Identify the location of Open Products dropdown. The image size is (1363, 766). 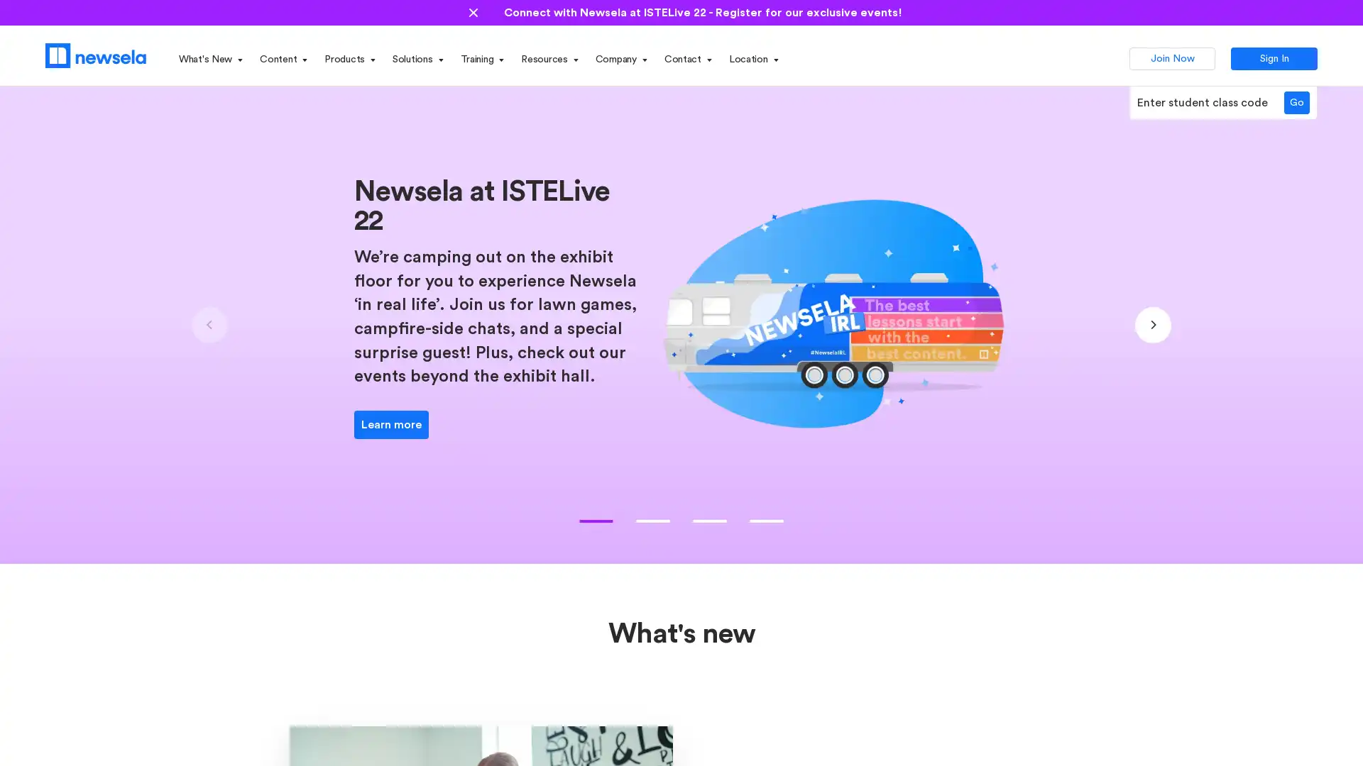
(374, 58).